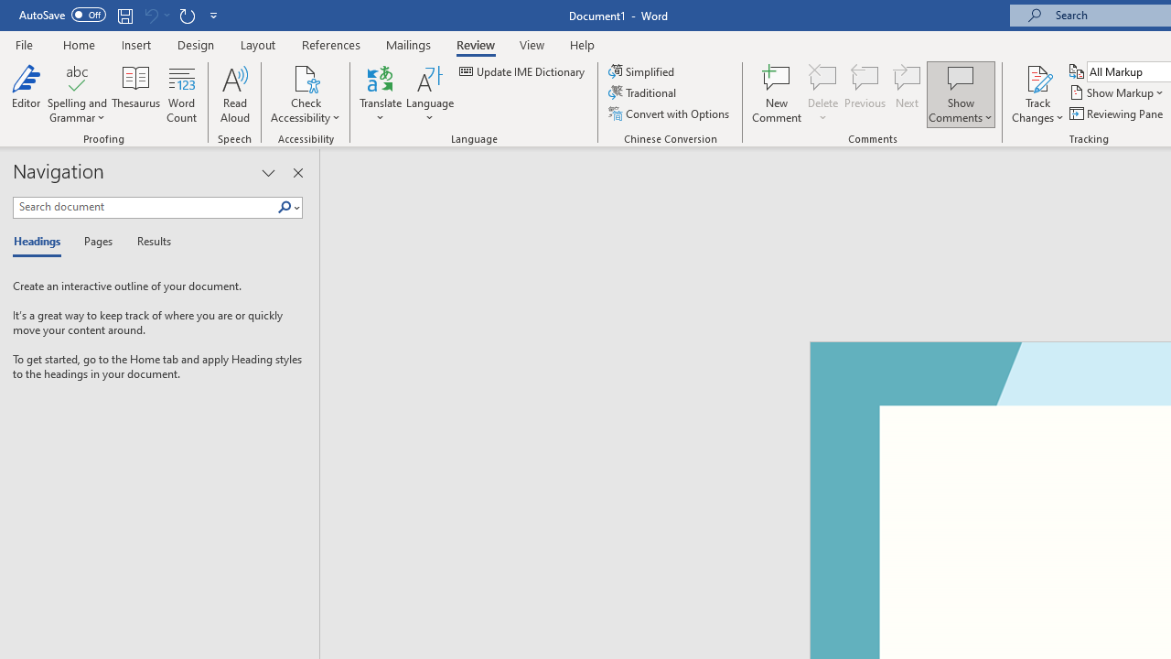  What do you see at coordinates (124, 15) in the screenshot?
I see `'Save'` at bounding box center [124, 15].